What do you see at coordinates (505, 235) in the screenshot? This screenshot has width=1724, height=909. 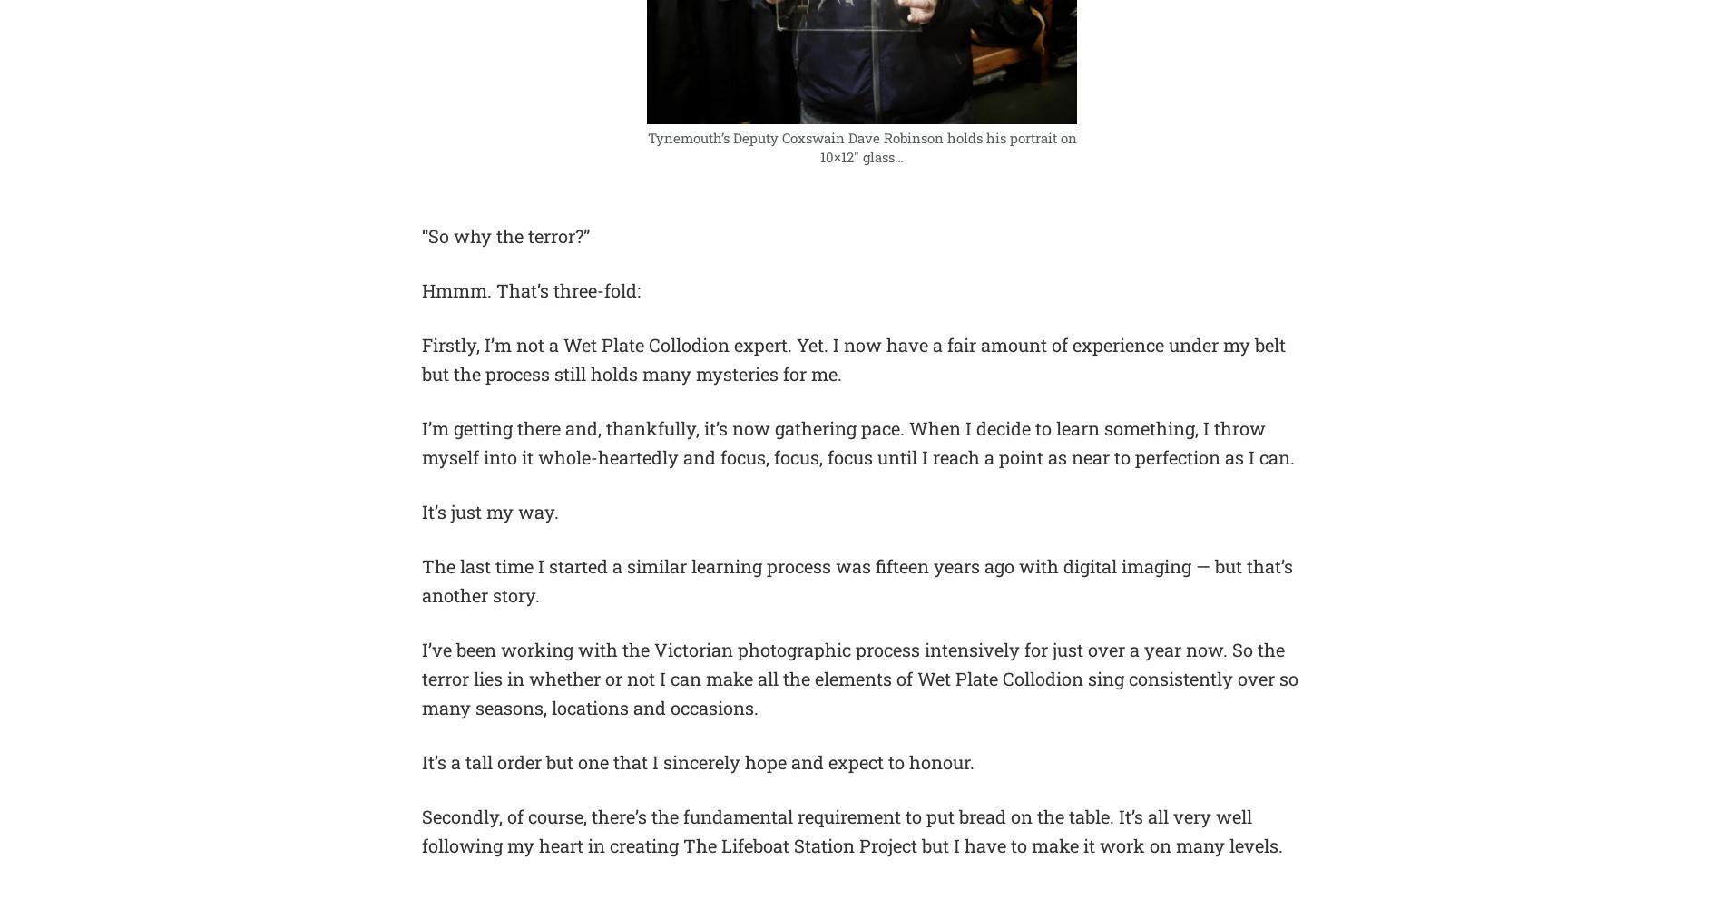 I see `'“So why the terror?”'` at bounding box center [505, 235].